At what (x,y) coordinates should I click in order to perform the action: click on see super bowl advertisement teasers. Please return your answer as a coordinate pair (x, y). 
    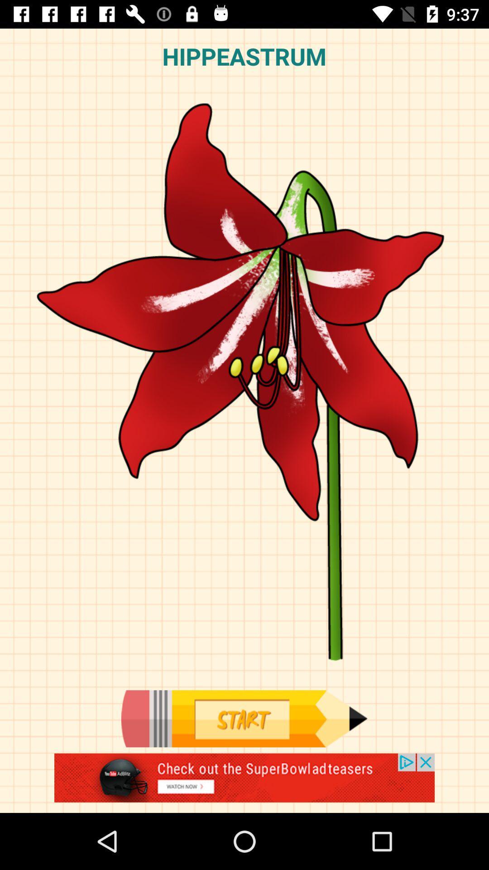
    Looking at the image, I should click on (244, 783).